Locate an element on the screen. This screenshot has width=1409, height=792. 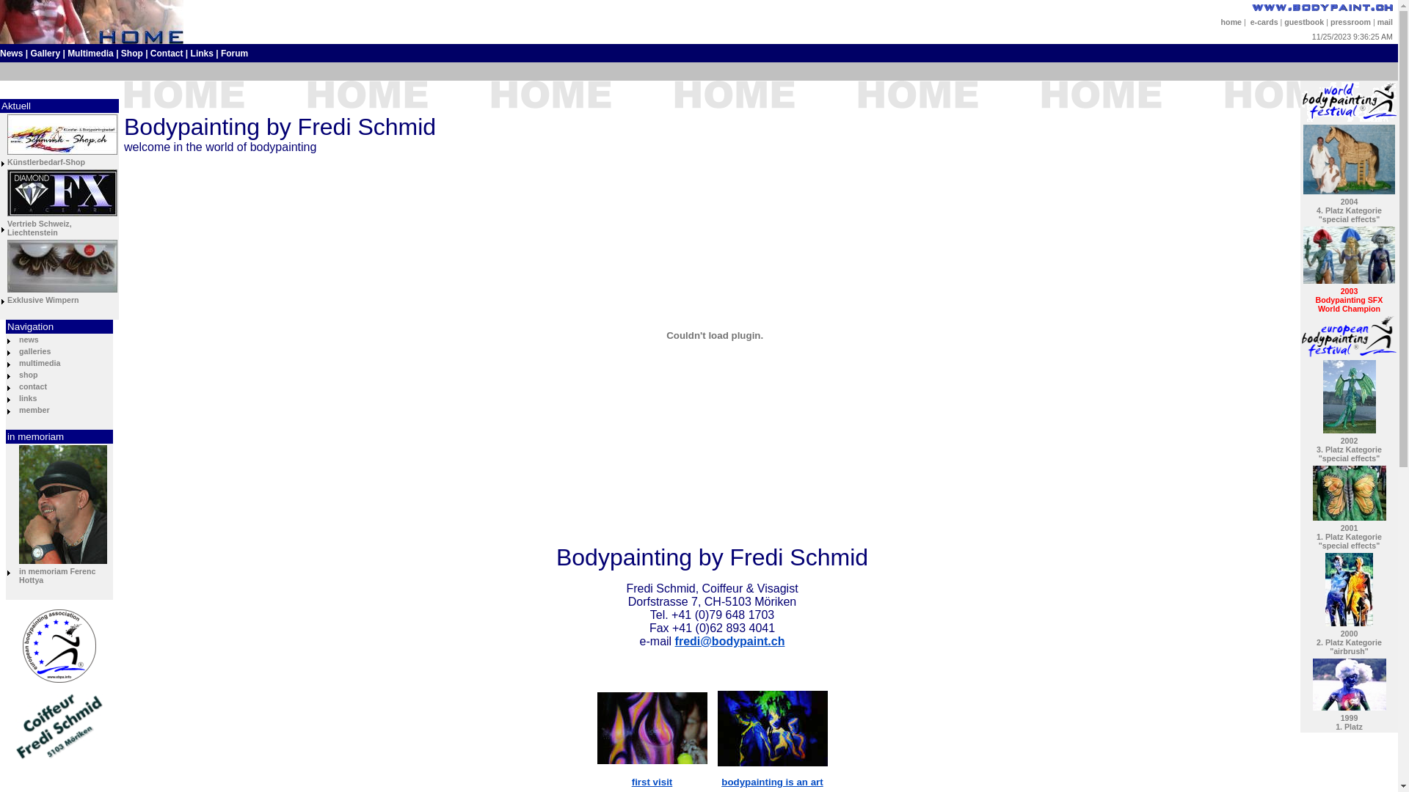
'fredi@bodypaint.ch' is located at coordinates (729, 640).